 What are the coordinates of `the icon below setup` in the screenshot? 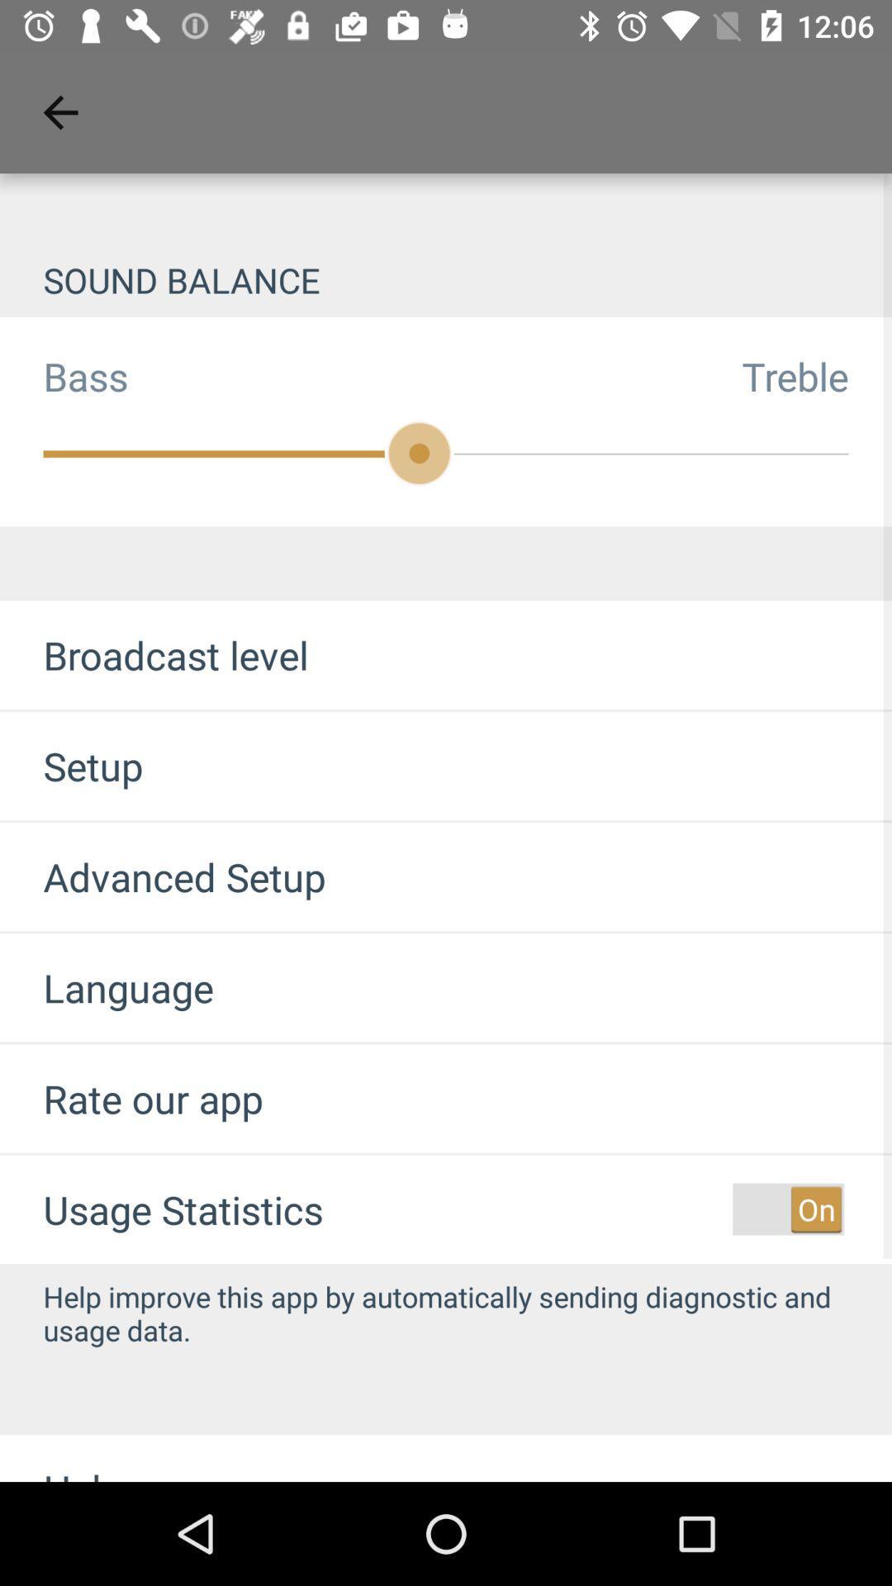 It's located at (163, 876).